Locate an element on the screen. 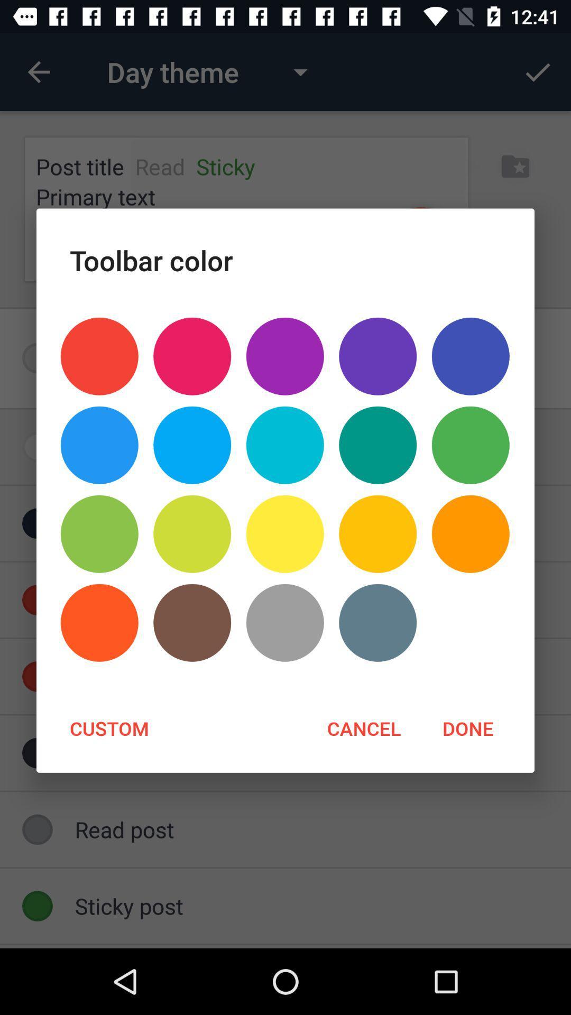  the item to the left of the done icon is located at coordinates (363, 727).